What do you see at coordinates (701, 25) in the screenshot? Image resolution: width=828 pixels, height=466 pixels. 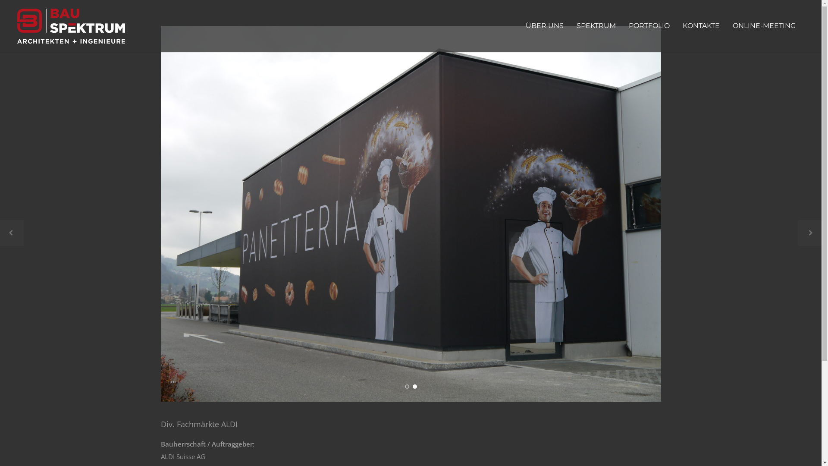 I see `'KONTAKTE'` at bounding box center [701, 25].